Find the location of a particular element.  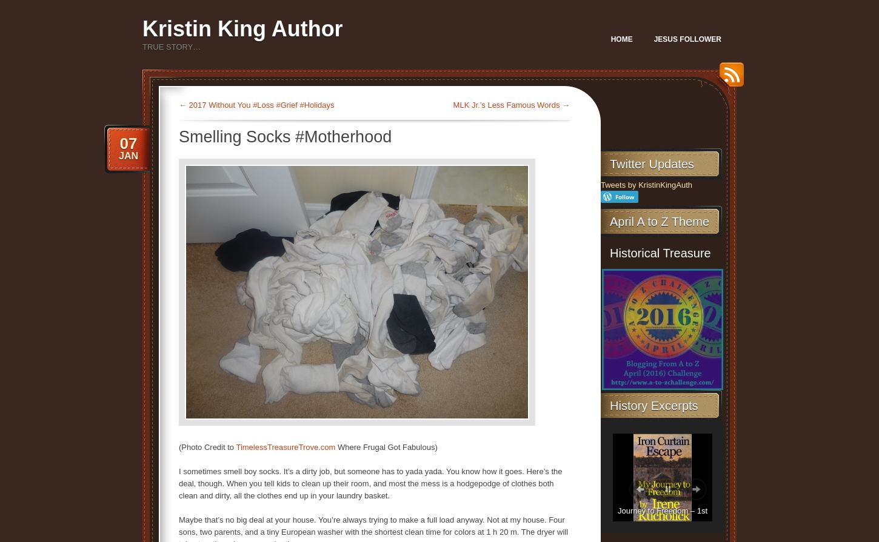

'2017 Without You #Loss #Grief #Holidays' is located at coordinates (259, 105).